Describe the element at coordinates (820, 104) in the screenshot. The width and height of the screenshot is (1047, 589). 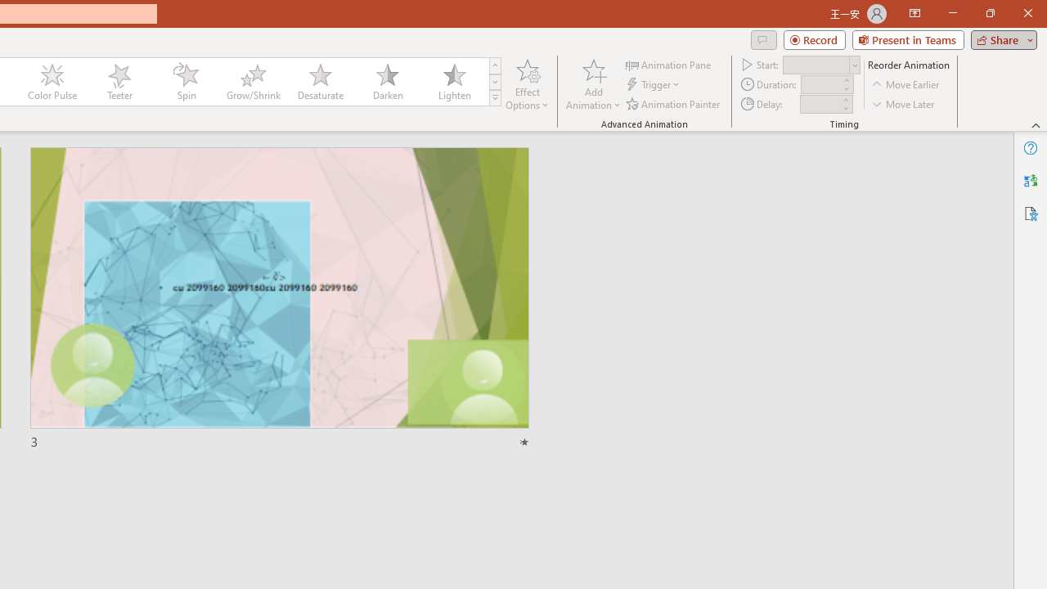
I see `'Animation Delay'` at that location.